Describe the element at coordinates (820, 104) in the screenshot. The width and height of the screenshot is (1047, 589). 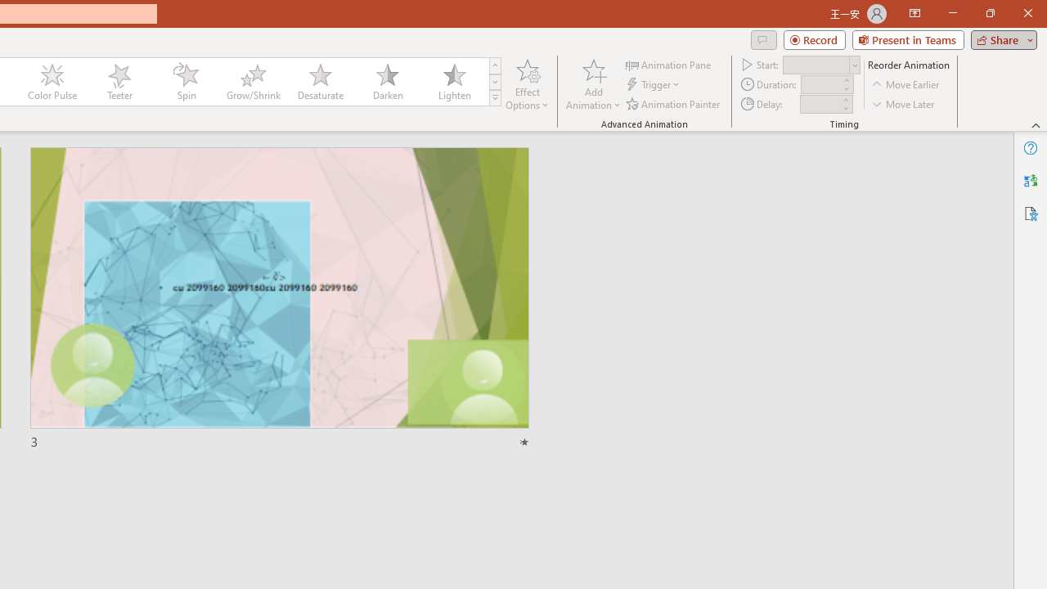
I see `'Animation Delay'` at that location.